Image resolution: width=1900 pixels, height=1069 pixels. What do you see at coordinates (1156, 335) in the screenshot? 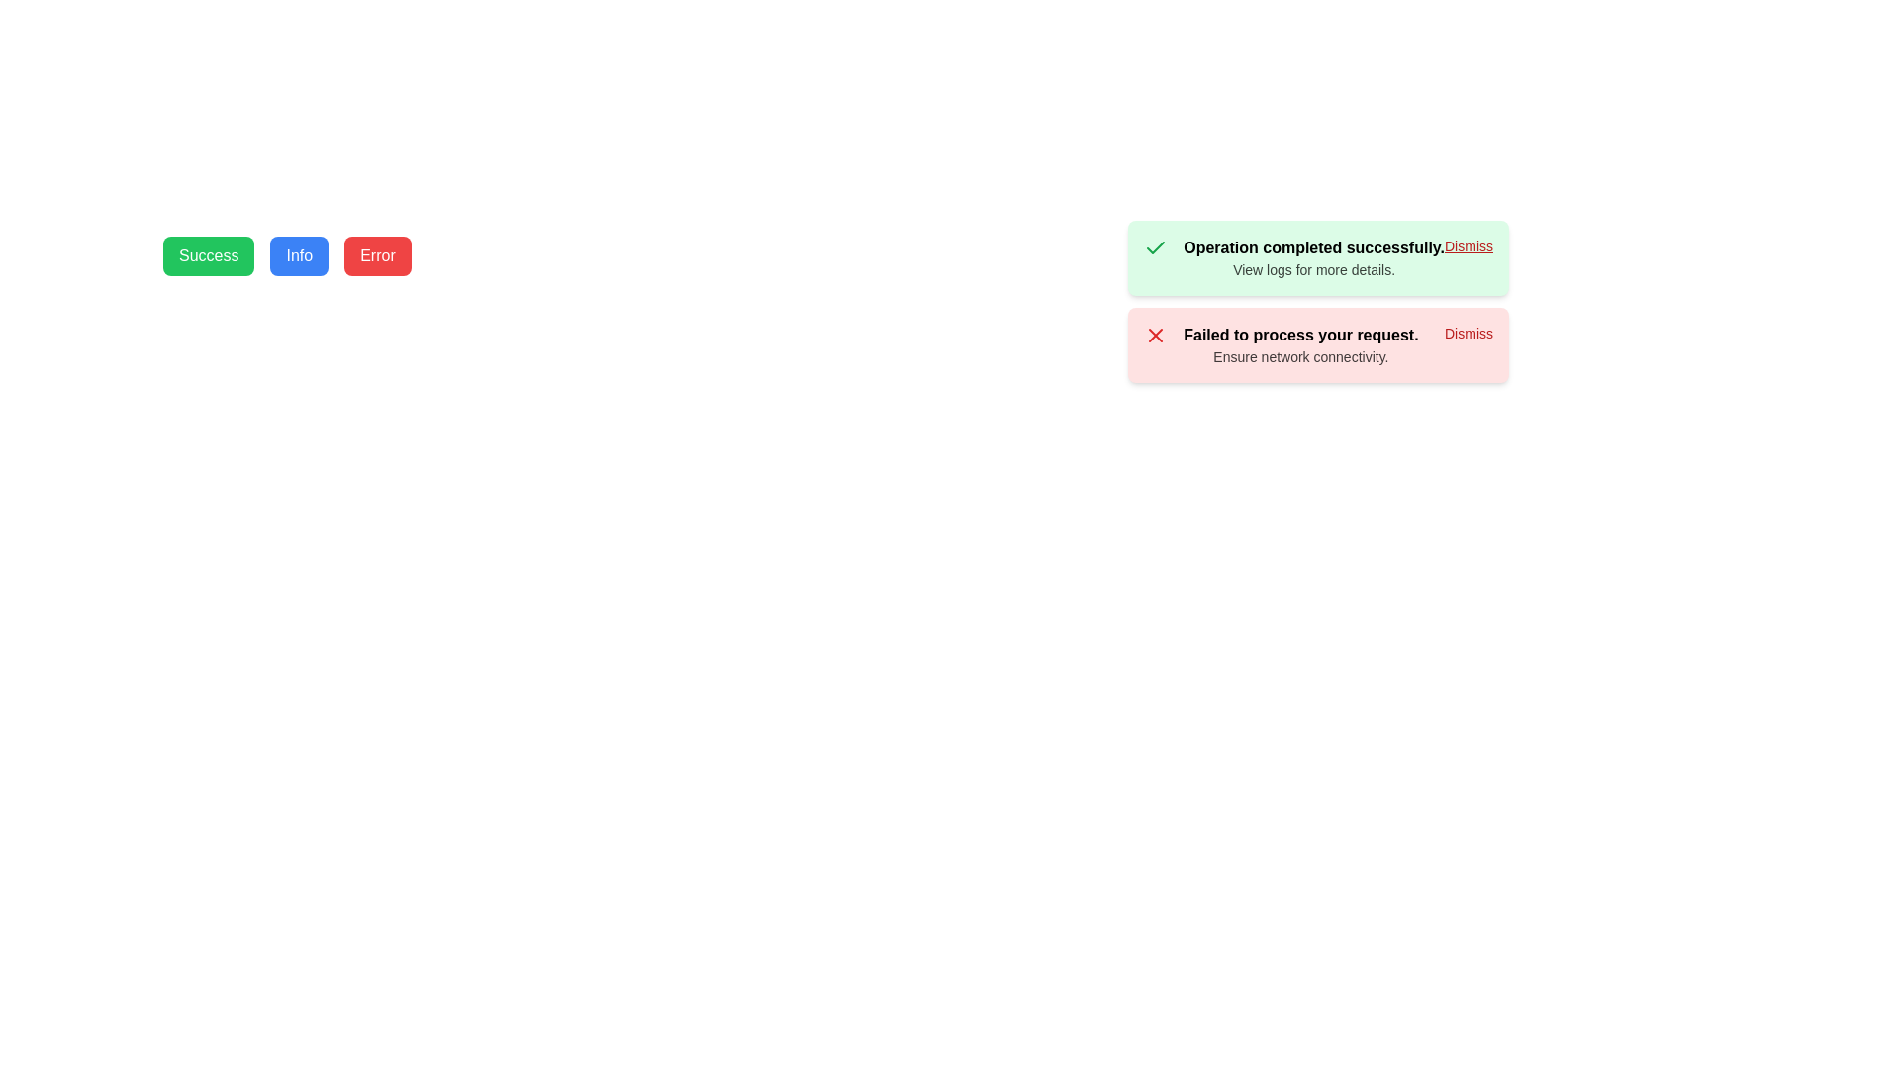
I see `the red 'X' icon, which is a minimalist design consisting of two diagonal lines crossing each other, located to the left of the text 'Failed to process your request.'` at bounding box center [1156, 335].